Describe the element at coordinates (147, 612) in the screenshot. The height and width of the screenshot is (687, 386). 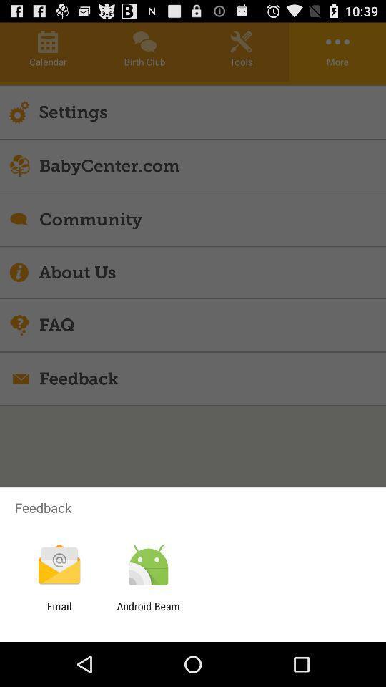
I see `android beam` at that location.